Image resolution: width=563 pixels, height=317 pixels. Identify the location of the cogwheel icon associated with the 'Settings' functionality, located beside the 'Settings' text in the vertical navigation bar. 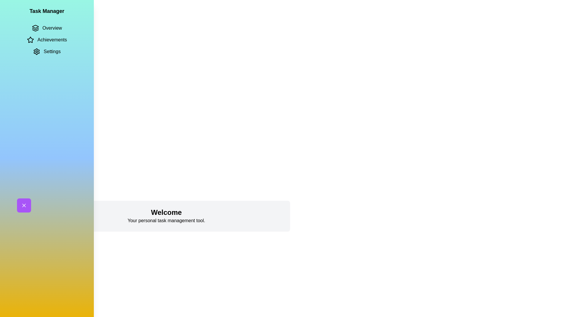
(36, 51).